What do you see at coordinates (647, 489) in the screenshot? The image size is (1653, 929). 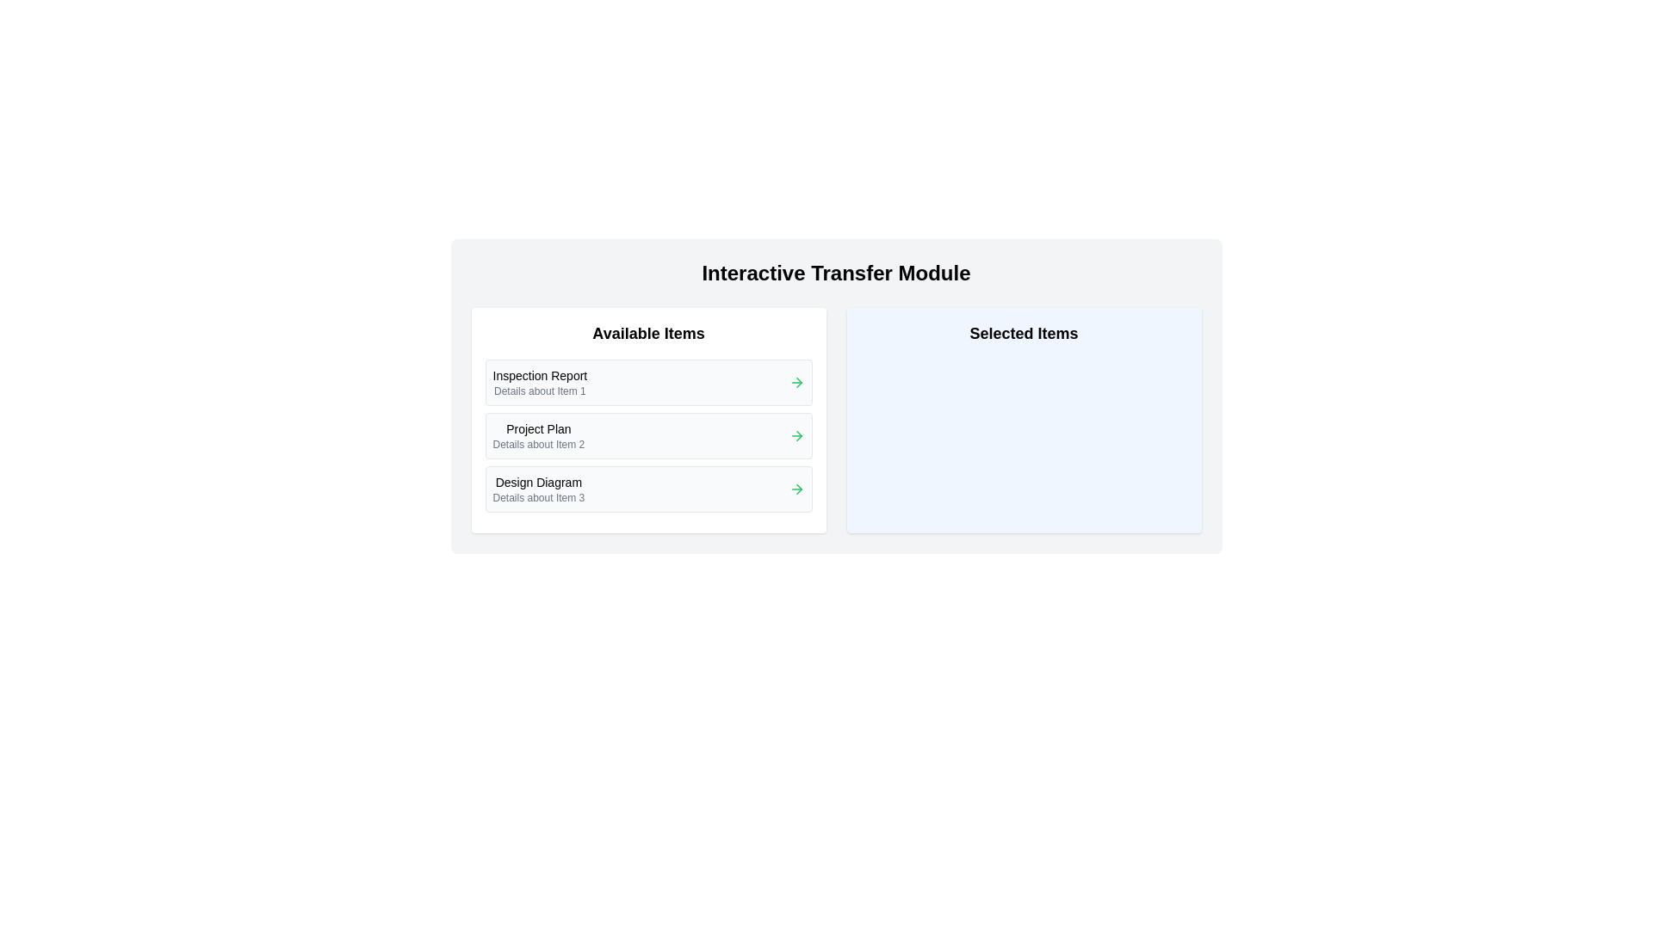 I see `text content of the third selectable item in the 'Available Items' section, which has an actionable icon for transferring 'Design Diagram' details` at bounding box center [647, 489].